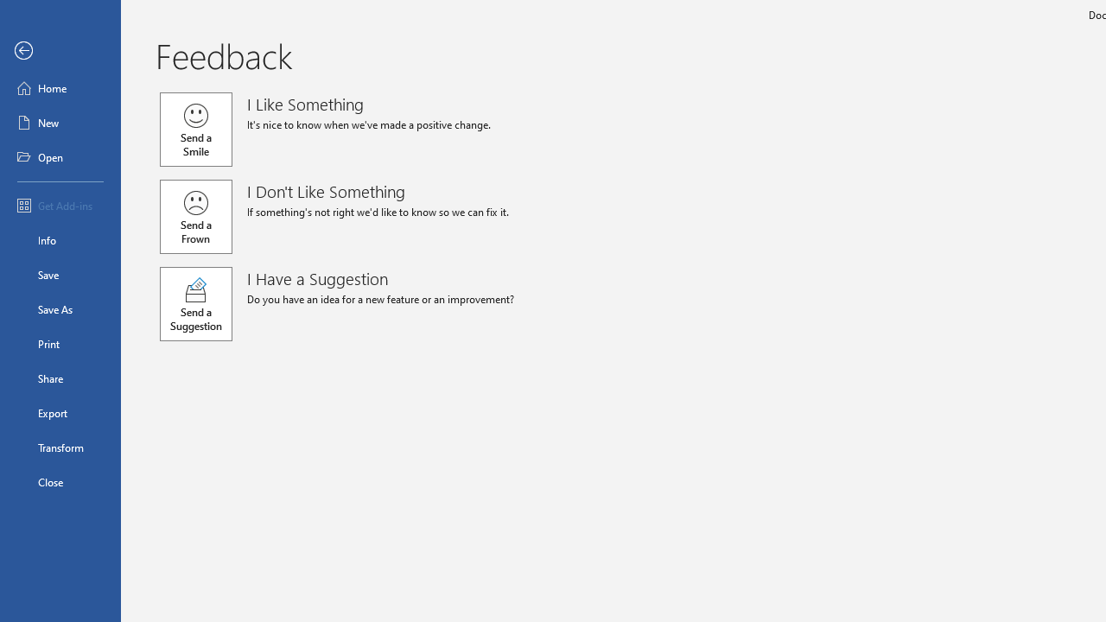 This screenshot has height=622, width=1106. Describe the element at coordinates (60, 239) in the screenshot. I see `'Info'` at that location.